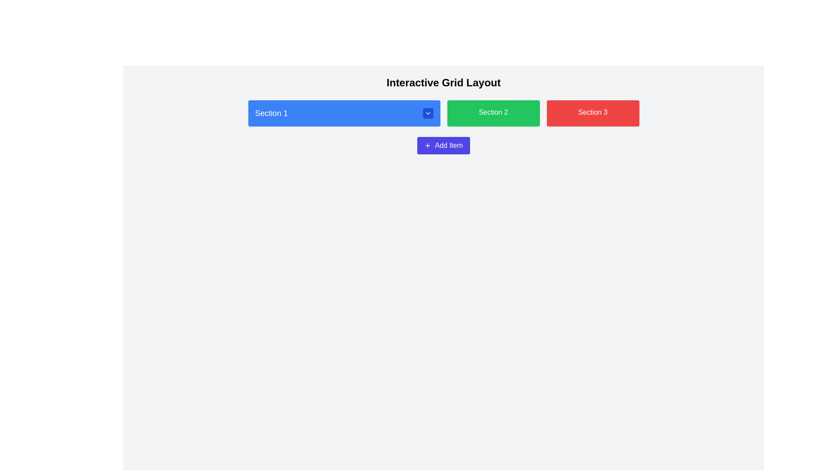 The image size is (838, 471). Describe the element at coordinates (493, 113) in the screenshot. I see `the button that serves as a labeled section indicator, positioned as the second item in a row of three buttons within the 'Interactive Grid Layout', located between 'Section 1' and 'Section 3'` at that location.